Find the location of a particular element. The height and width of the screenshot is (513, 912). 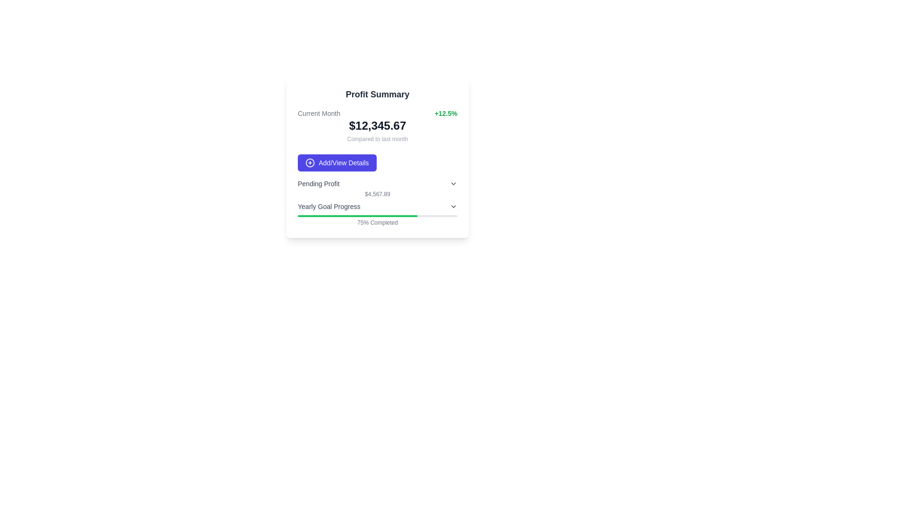

the 'Current Month' Content Display Box is located at coordinates (377, 125).